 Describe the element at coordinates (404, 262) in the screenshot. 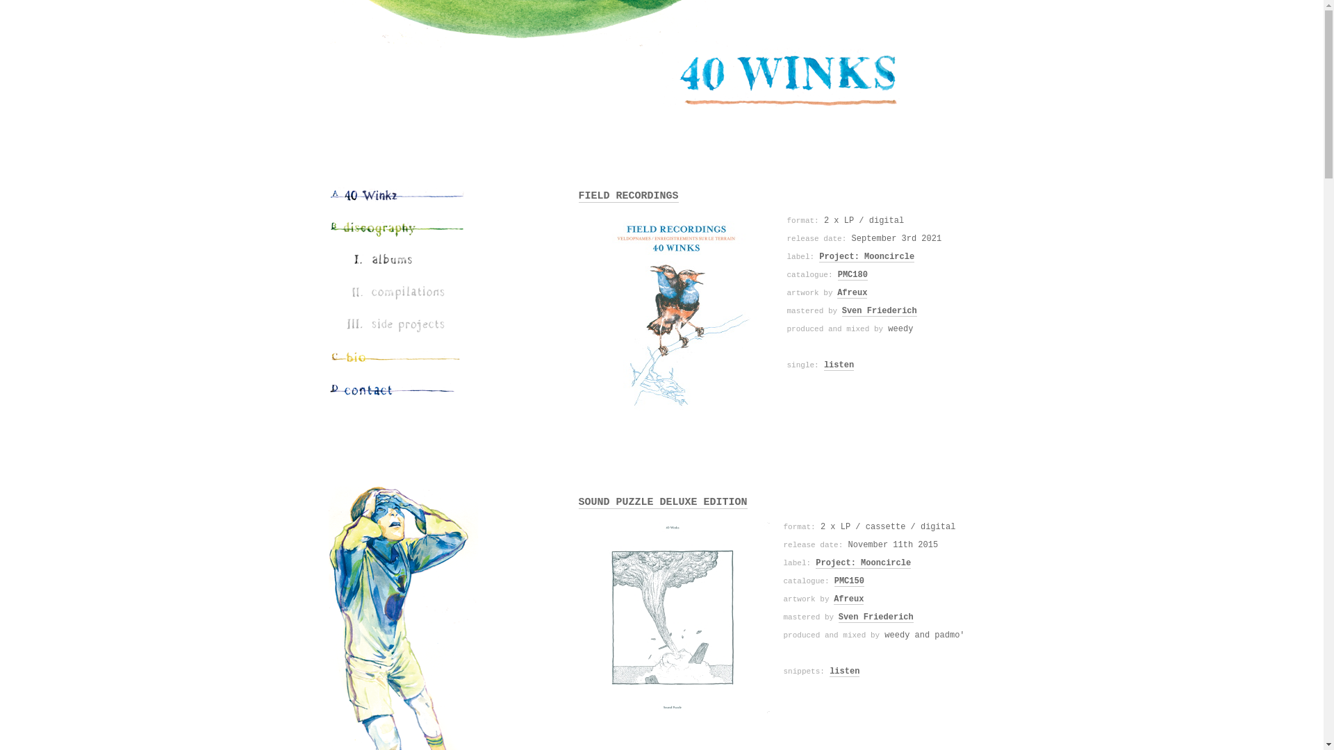

I see `'Albums'` at that location.